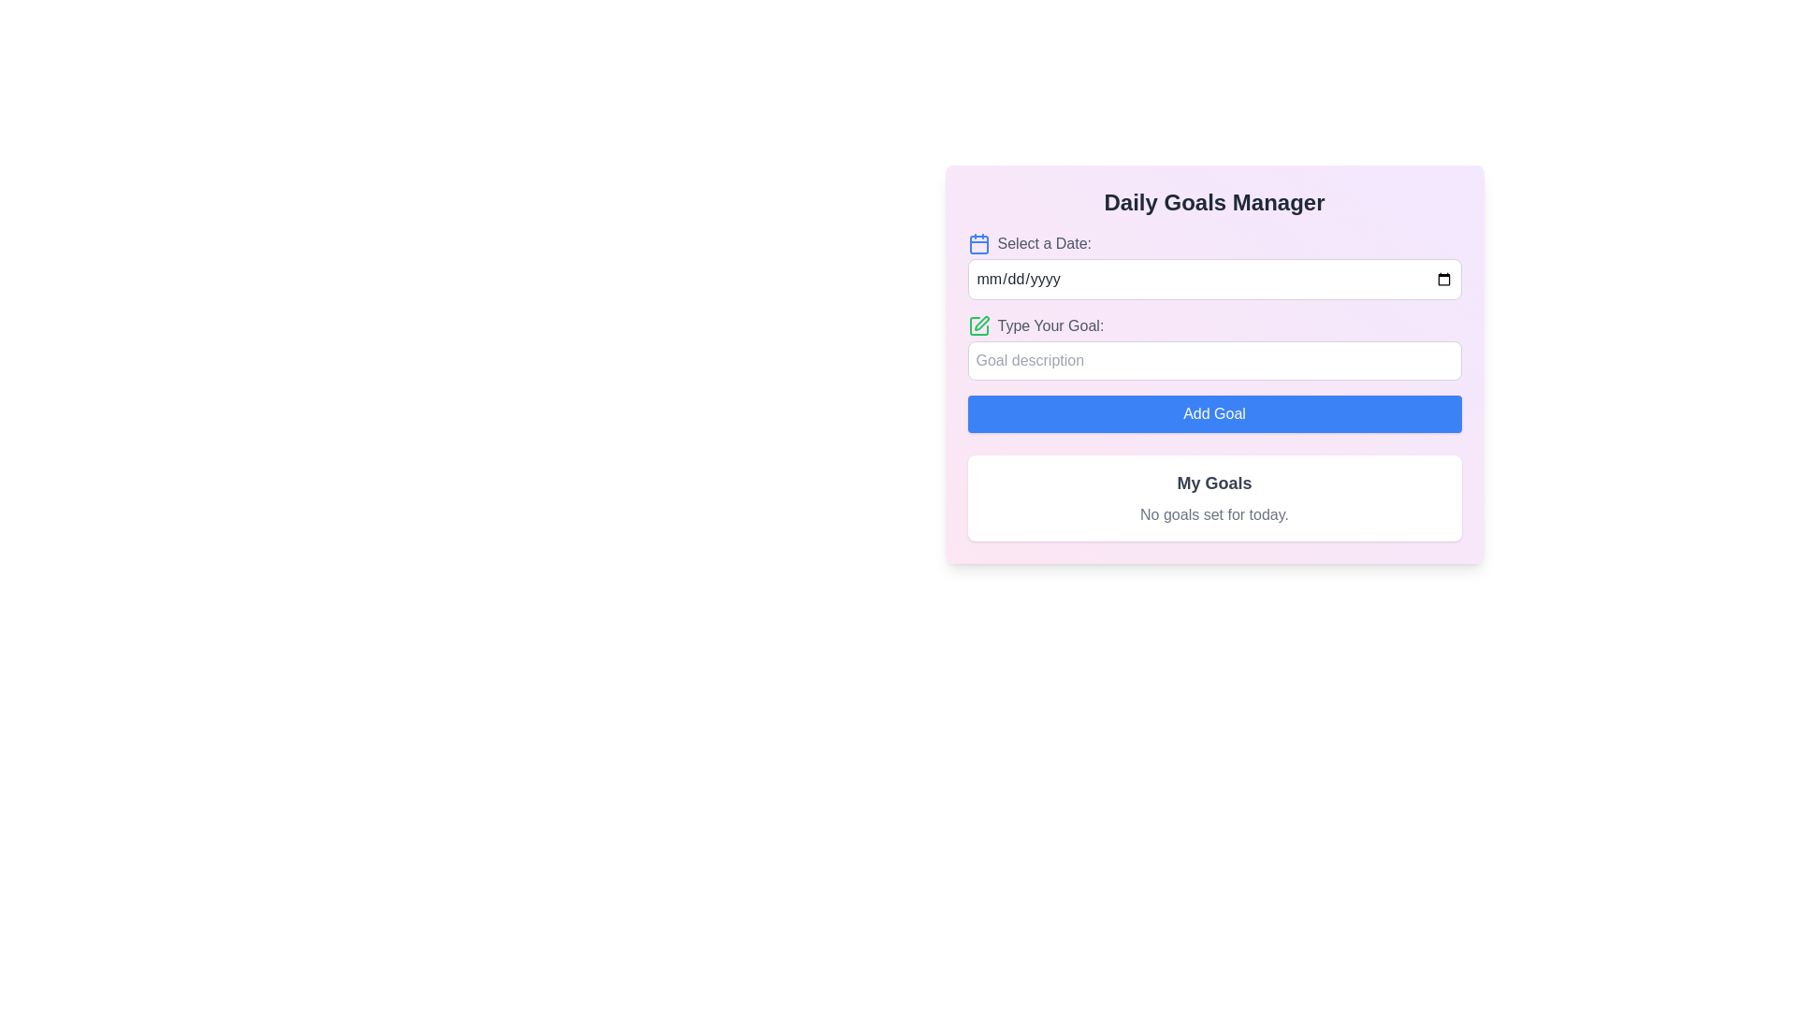 The image size is (1796, 1010). Describe the element at coordinates (978, 325) in the screenshot. I see `the edit icon element, which is a green stroke square or rectangle next to the 'Type Your Goal' label` at that location.